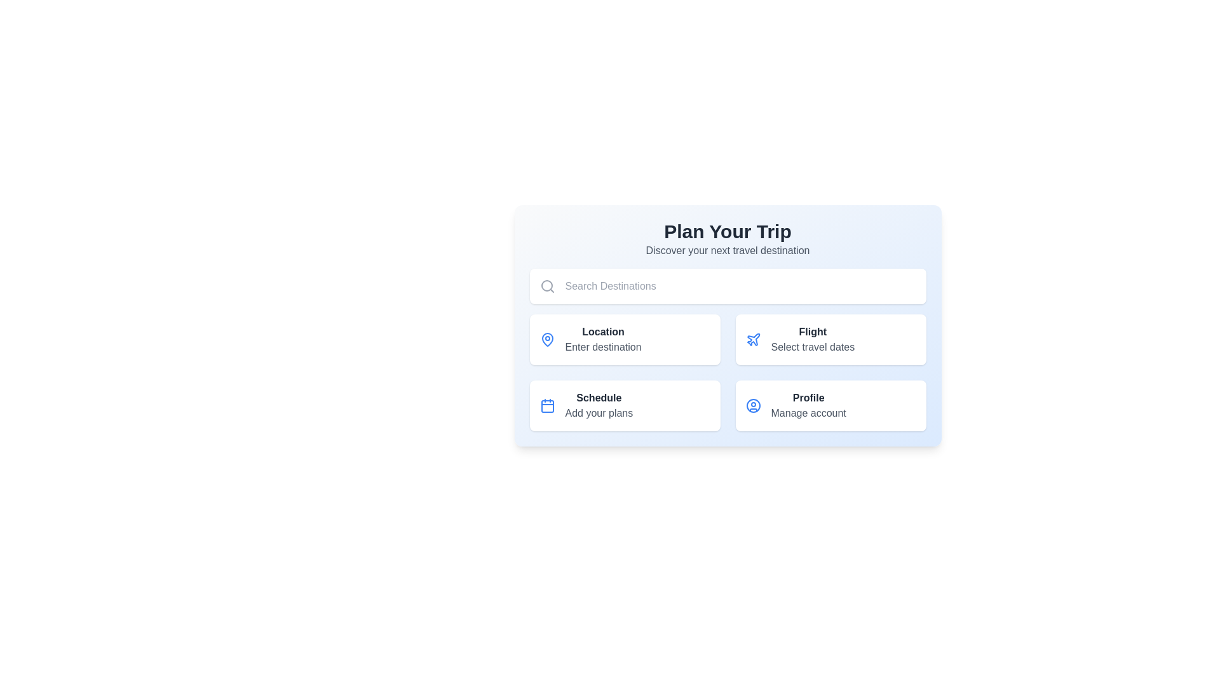 The image size is (1220, 686). Describe the element at coordinates (728, 232) in the screenshot. I see `the title text label that indicates the section for planning a trip, located above the subtitle 'Discover your next travel destination'` at that location.